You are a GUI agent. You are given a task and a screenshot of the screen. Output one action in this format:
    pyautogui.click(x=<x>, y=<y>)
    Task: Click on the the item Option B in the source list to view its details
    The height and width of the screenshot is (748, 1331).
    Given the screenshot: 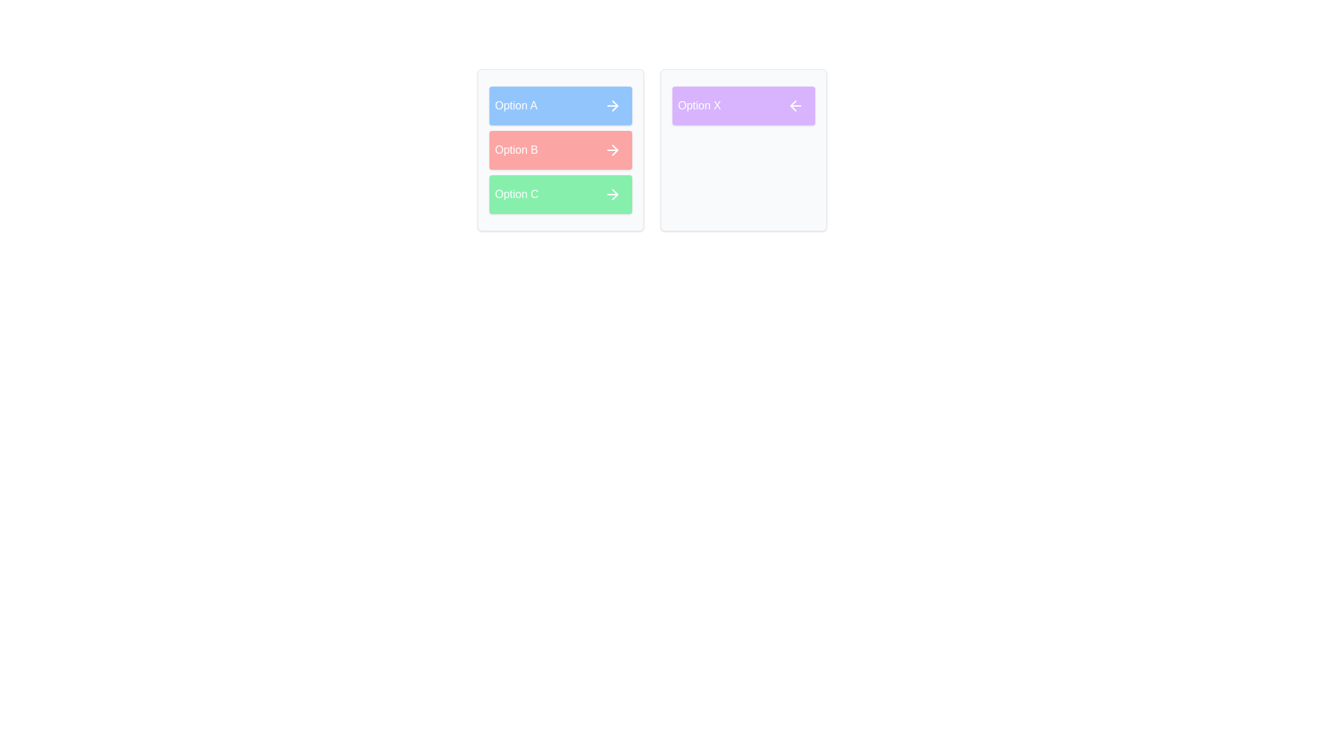 What is the action you would take?
    pyautogui.click(x=561, y=150)
    